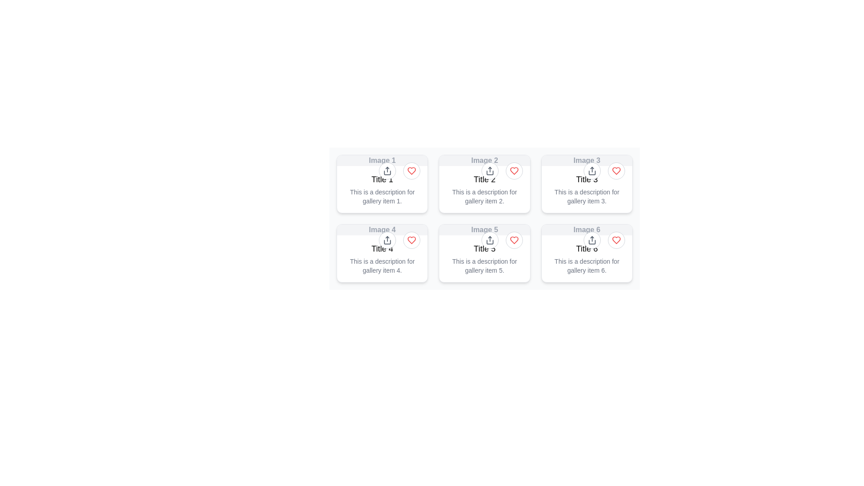  What do you see at coordinates (484, 265) in the screenshot?
I see `description text located beneath 'Title 5' in the fifth card of the grid layout` at bounding box center [484, 265].